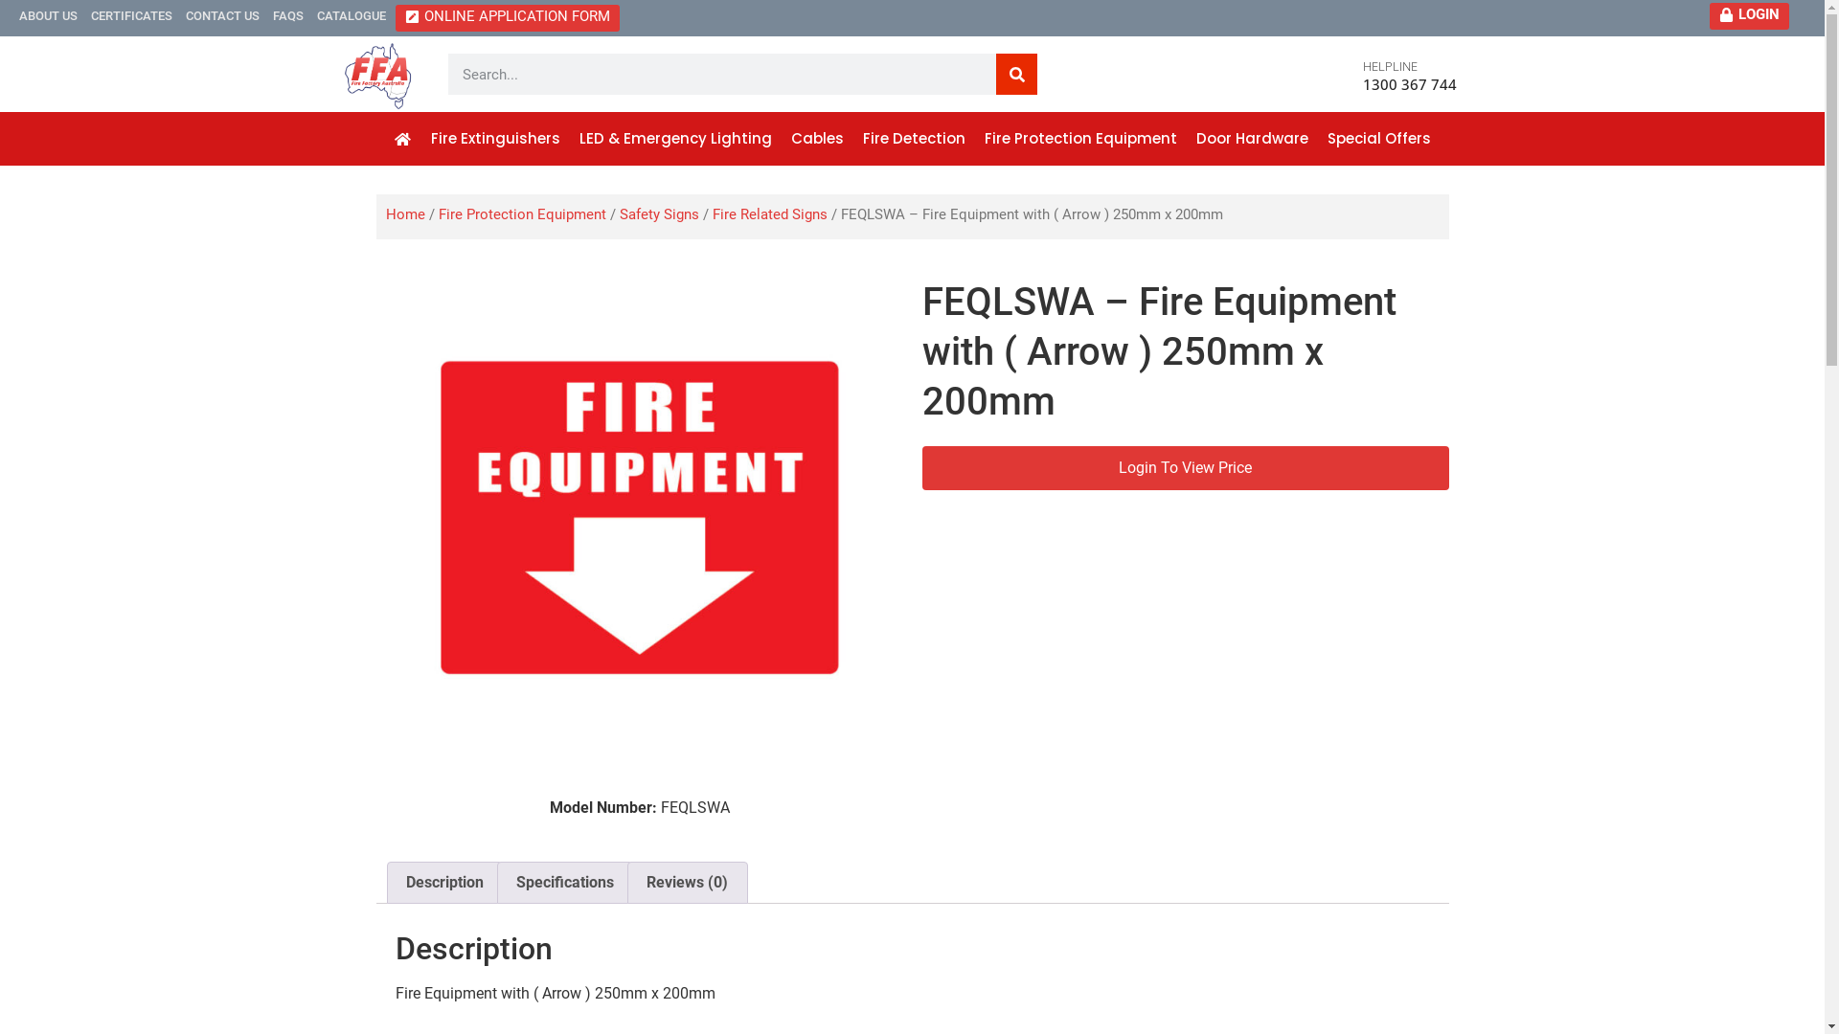 The height and width of the screenshot is (1034, 1839). Describe the element at coordinates (1252, 138) in the screenshot. I see `'Door Hardware'` at that location.